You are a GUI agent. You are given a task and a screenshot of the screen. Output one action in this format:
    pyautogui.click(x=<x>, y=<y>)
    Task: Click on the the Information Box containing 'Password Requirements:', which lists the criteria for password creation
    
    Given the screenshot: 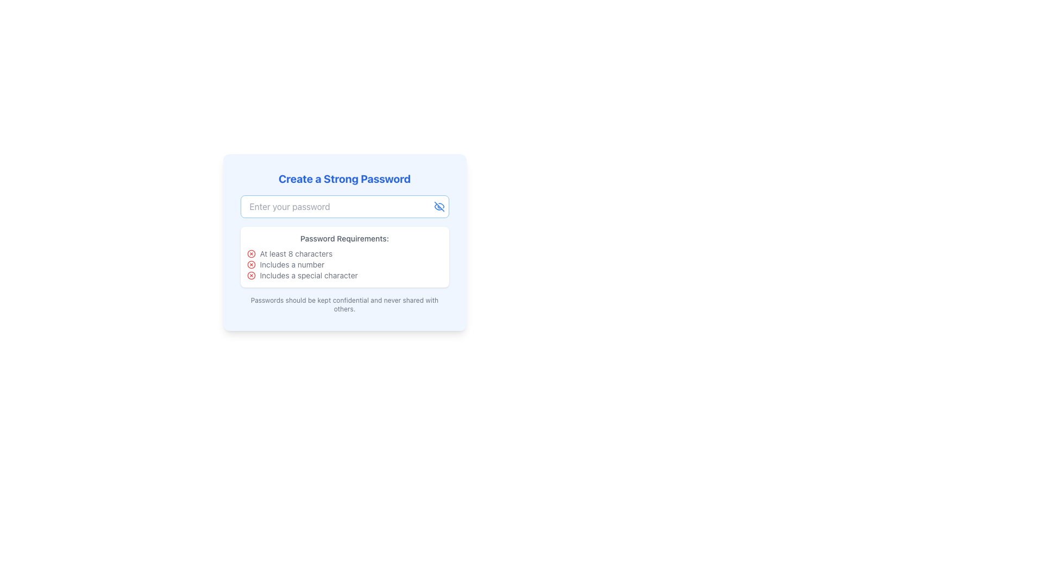 What is the action you would take?
    pyautogui.click(x=344, y=257)
    